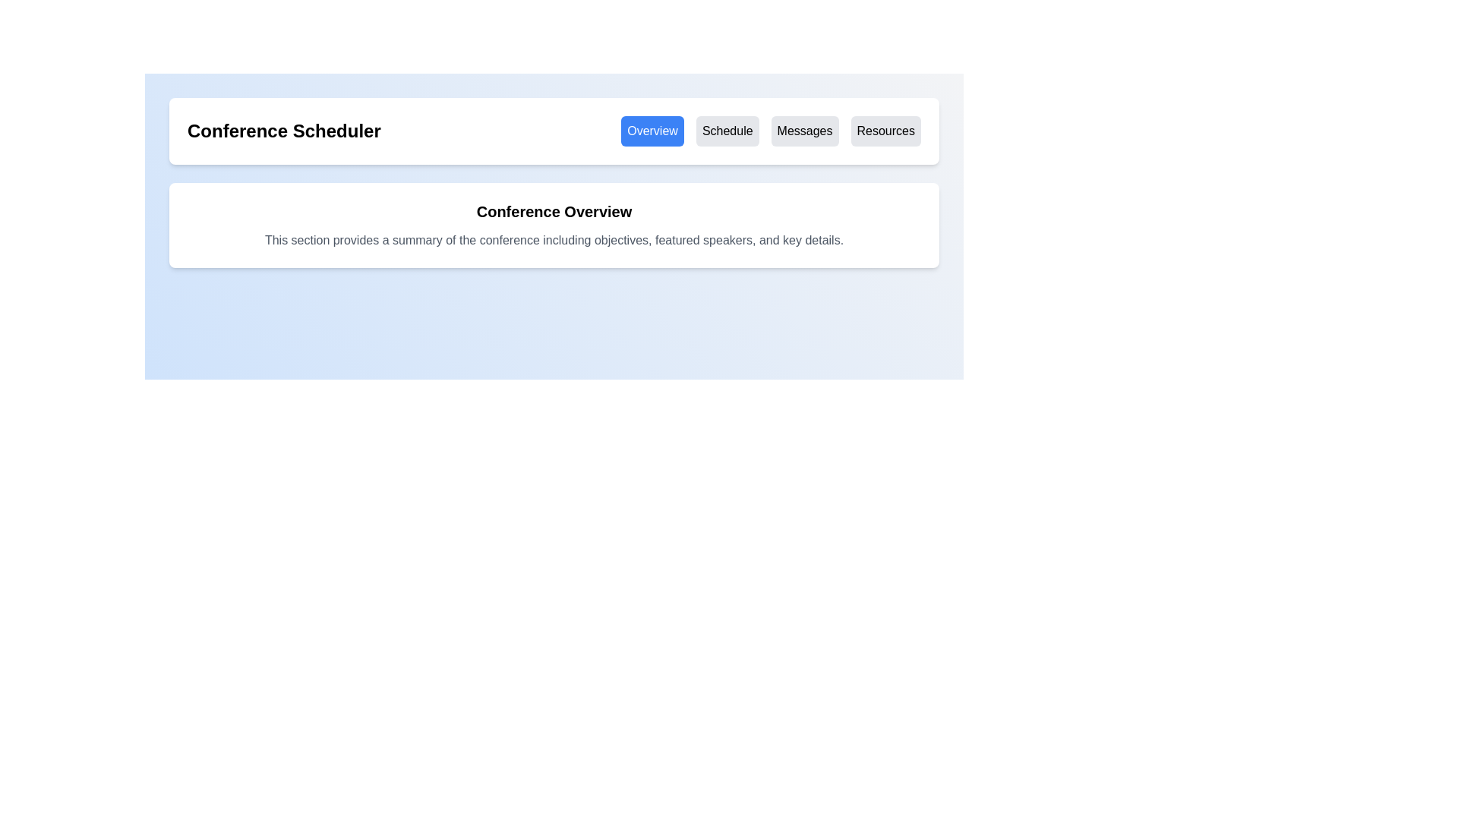  What do you see at coordinates (804, 131) in the screenshot?
I see `the 'Messages' button with a light gray background and bold black text` at bounding box center [804, 131].